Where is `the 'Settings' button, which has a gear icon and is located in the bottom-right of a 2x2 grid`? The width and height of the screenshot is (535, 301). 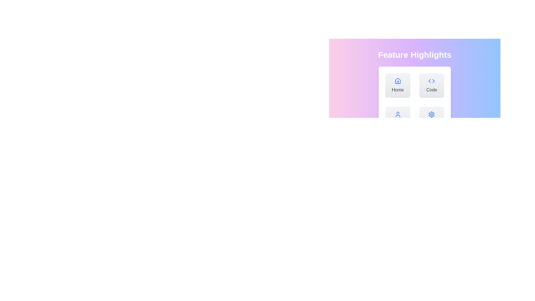 the 'Settings' button, which has a gear icon and is located in the bottom-right of a 2x2 grid is located at coordinates (431, 119).